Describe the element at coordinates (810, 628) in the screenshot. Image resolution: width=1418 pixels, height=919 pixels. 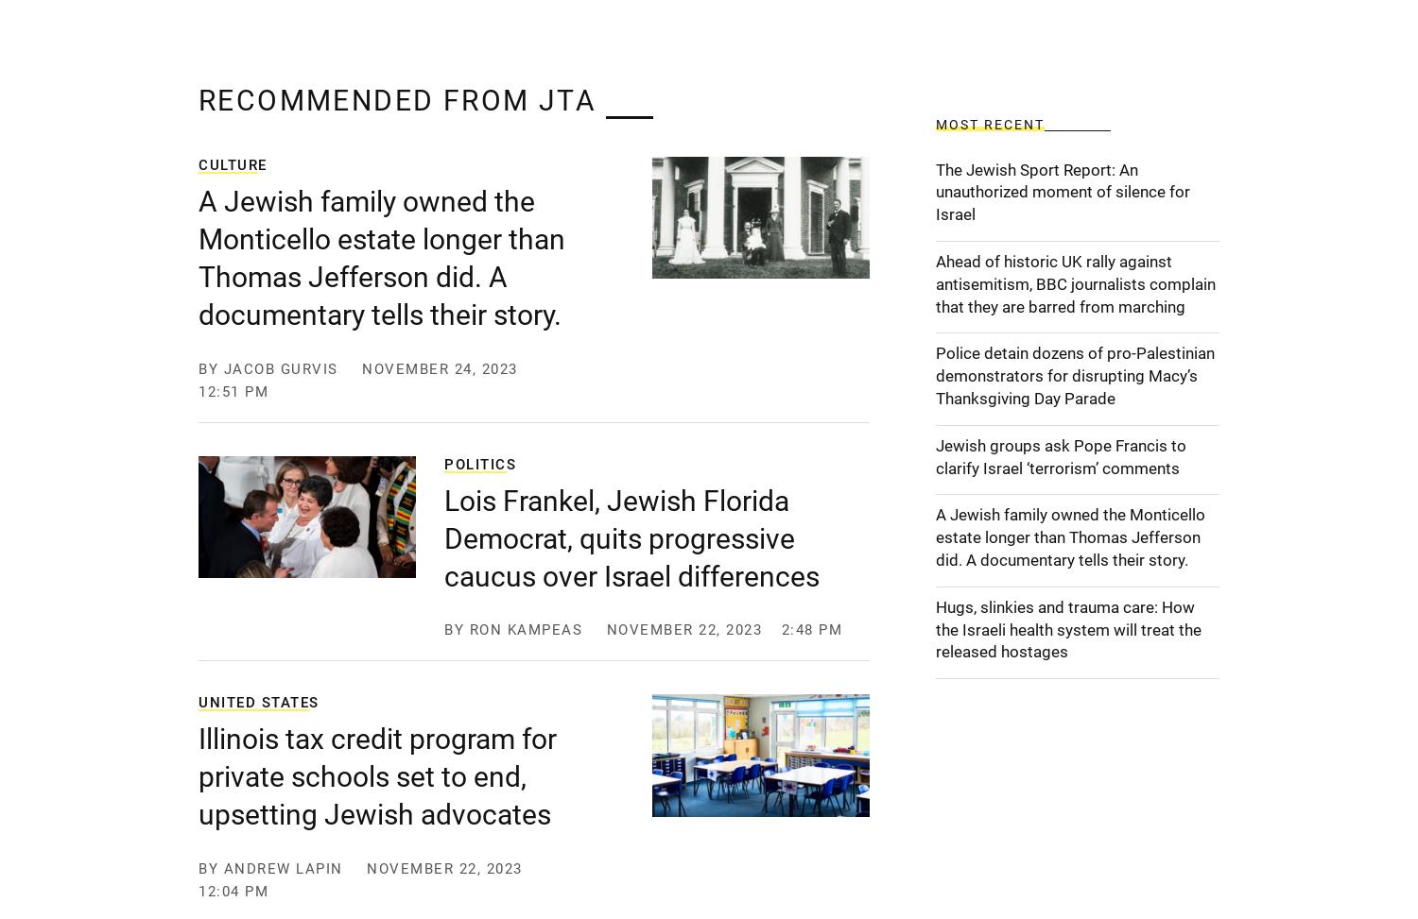
I see `'2:48 pm'` at that location.